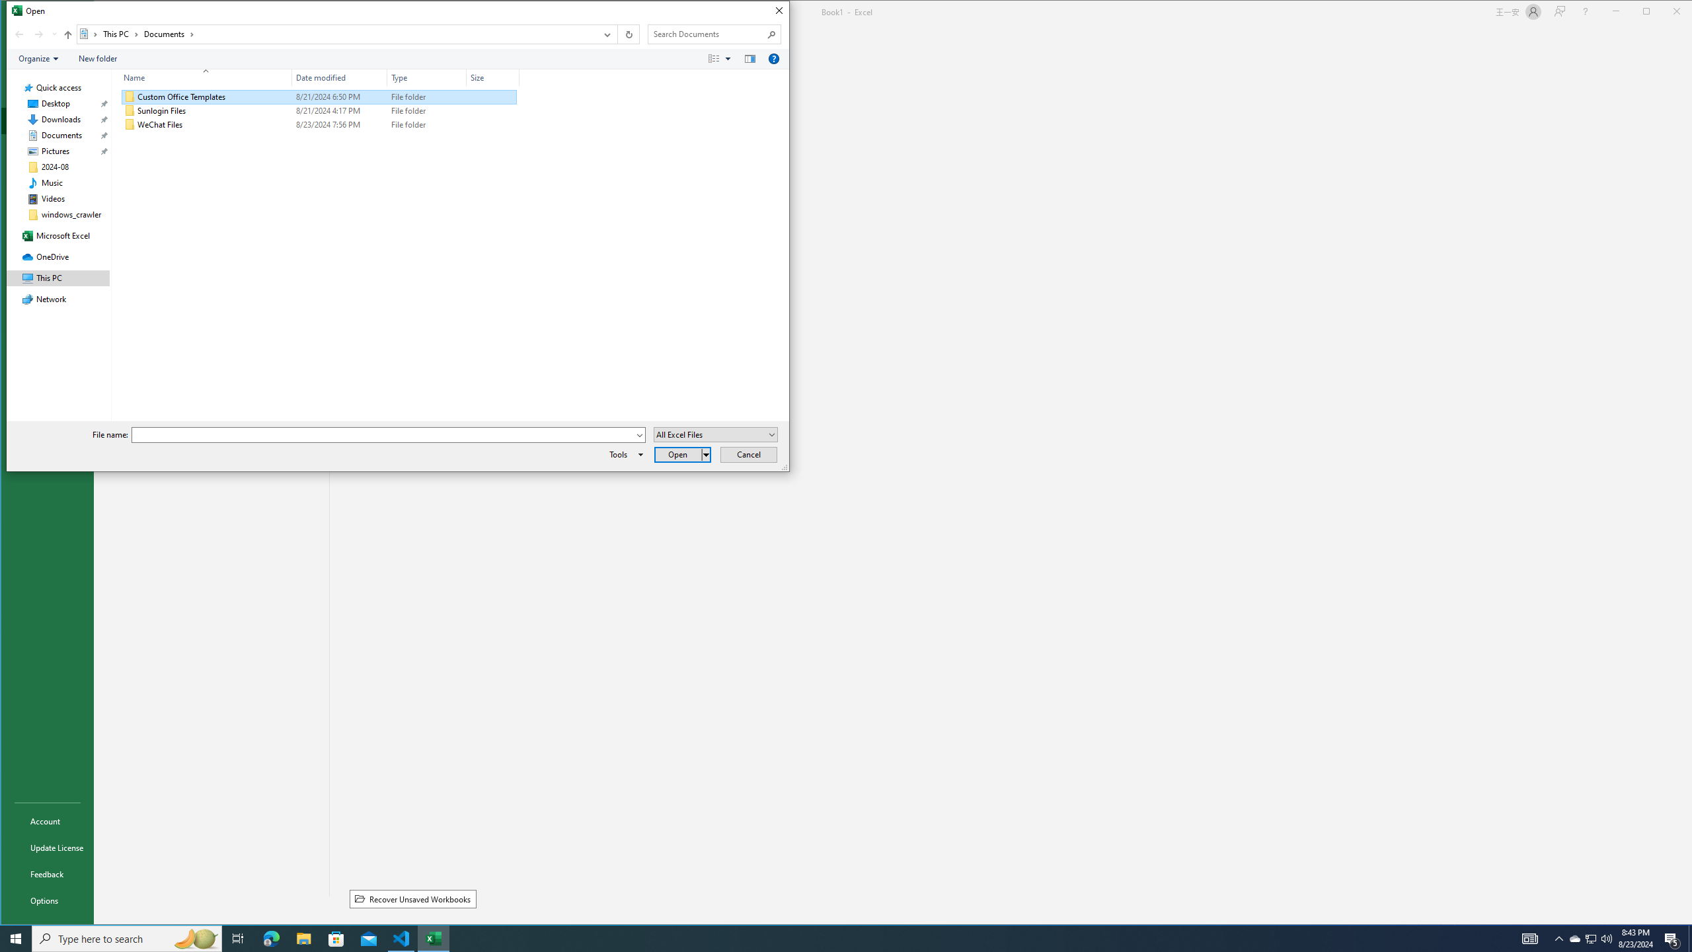  I want to click on 'Search Box', so click(708, 33).